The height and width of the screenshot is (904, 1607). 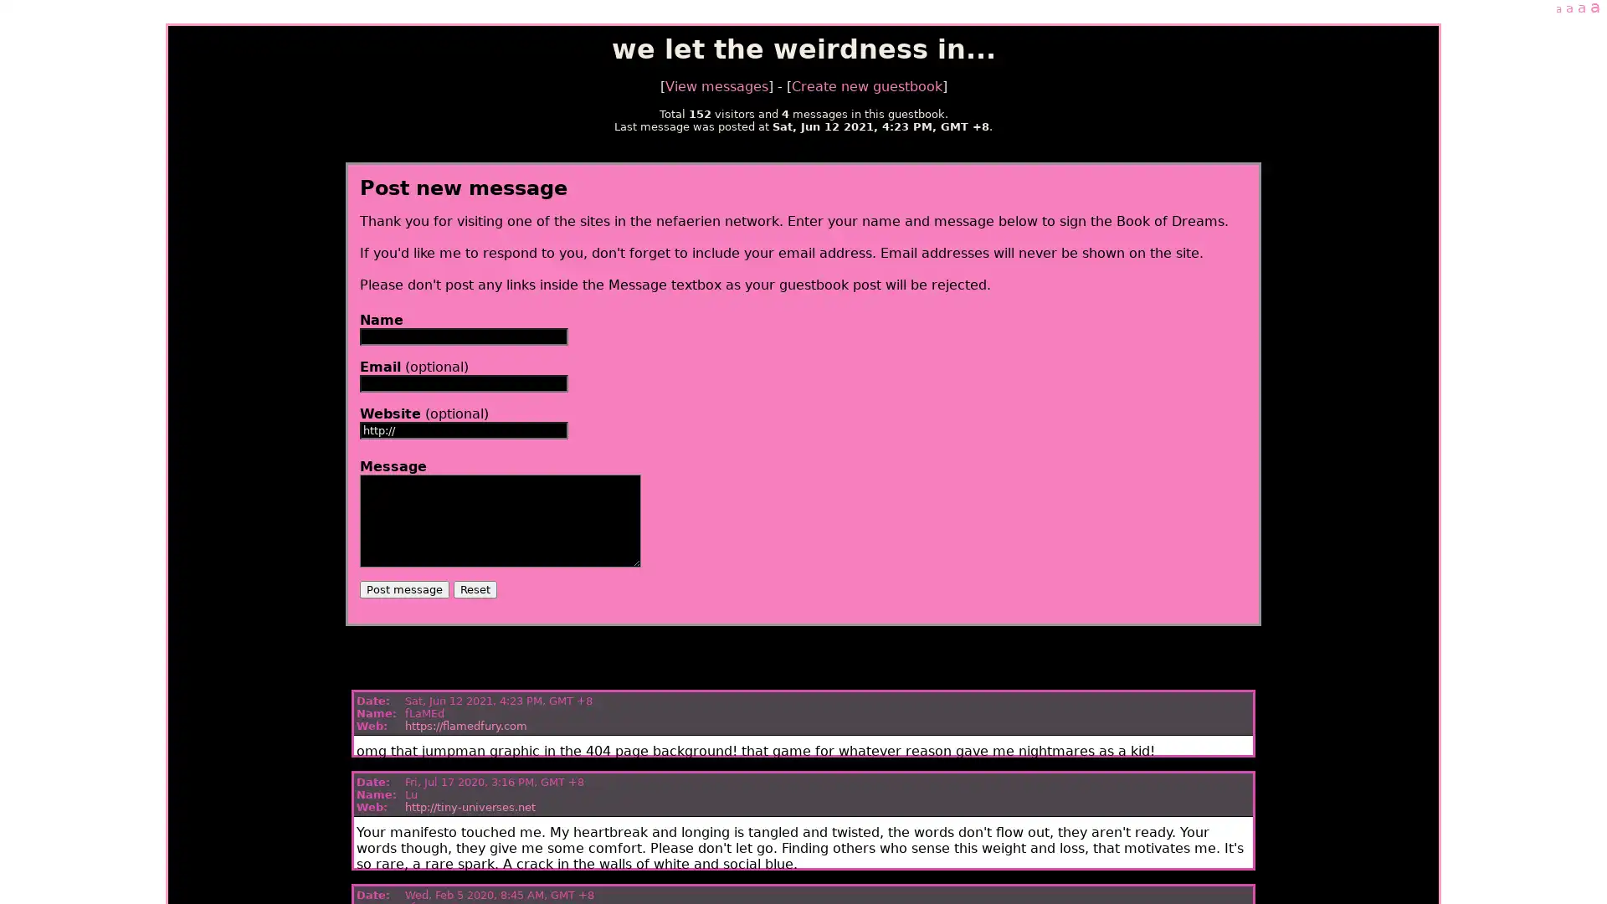 I want to click on Post message, so click(x=403, y=588).